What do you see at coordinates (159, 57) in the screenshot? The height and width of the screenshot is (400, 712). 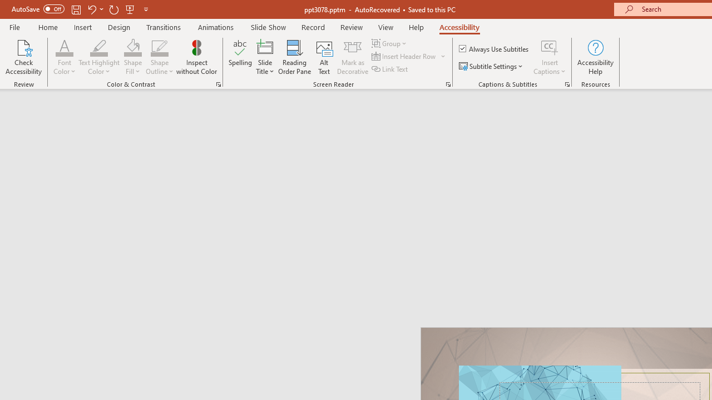 I see `'Shape Outline'` at bounding box center [159, 57].